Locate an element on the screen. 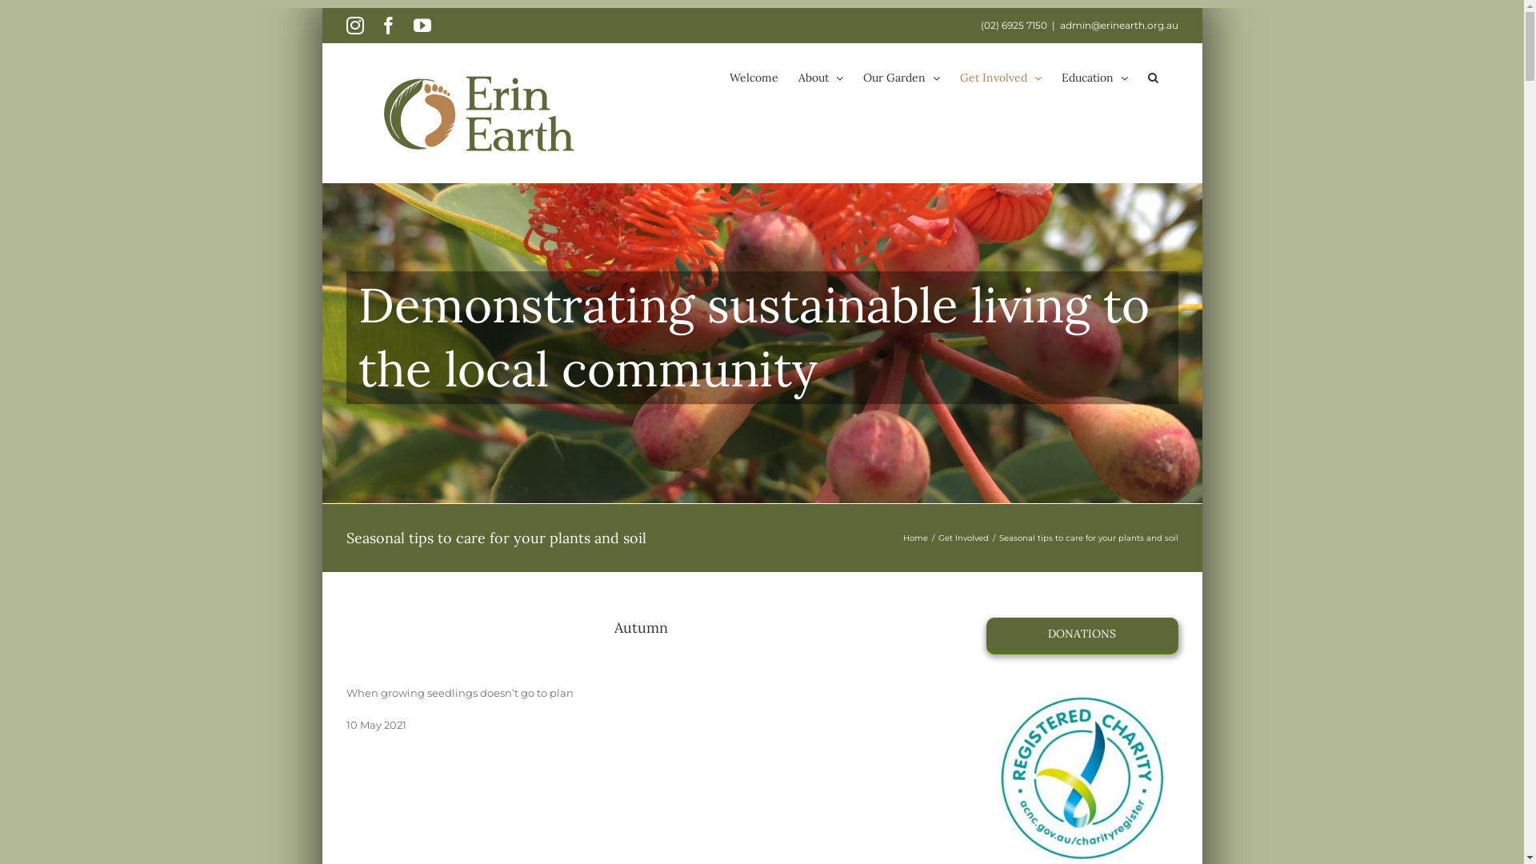 The width and height of the screenshot is (1536, 864). 'About' is located at coordinates (798, 77).